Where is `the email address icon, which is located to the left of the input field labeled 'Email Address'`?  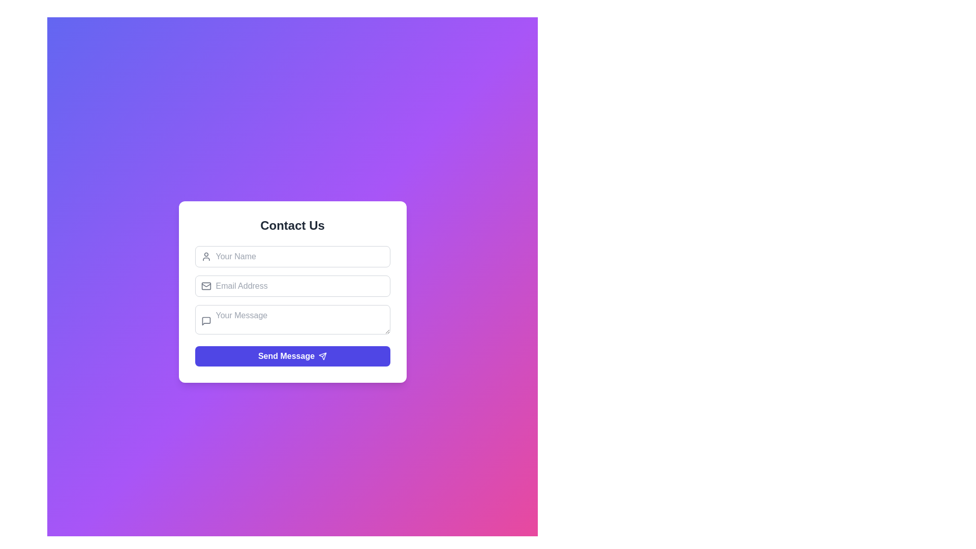 the email address icon, which is located to the left of the input field labeled 'Email Address' is located at coordinates (205, 286).